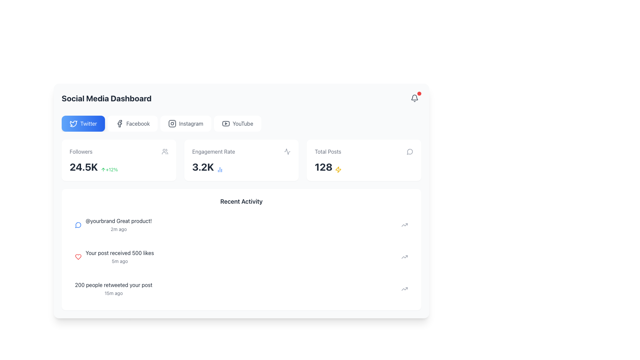 This screenshot has height=360, width=640. What do you see at coordinates (419, 94) in the screenshot?
I see `the notification badge located in the top-right corner of the interface, aligned with the bell symbol to signify new or pending notifications` at bounding box center [419, 94].